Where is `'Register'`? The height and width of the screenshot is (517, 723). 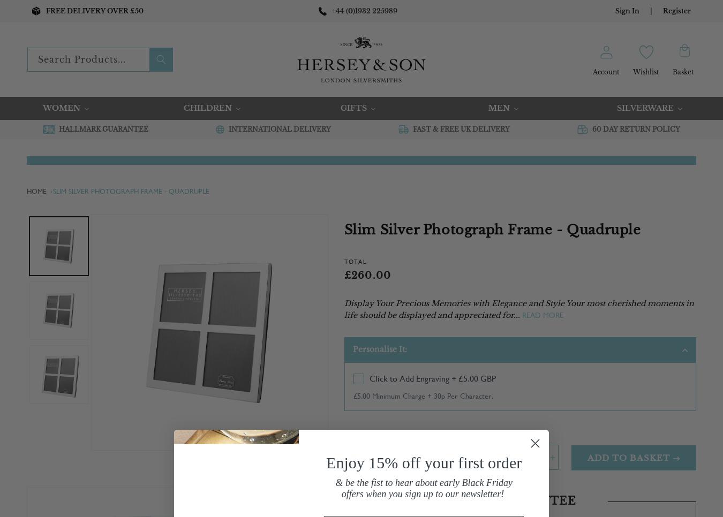 'Register' is located at coordinates (677, 10).